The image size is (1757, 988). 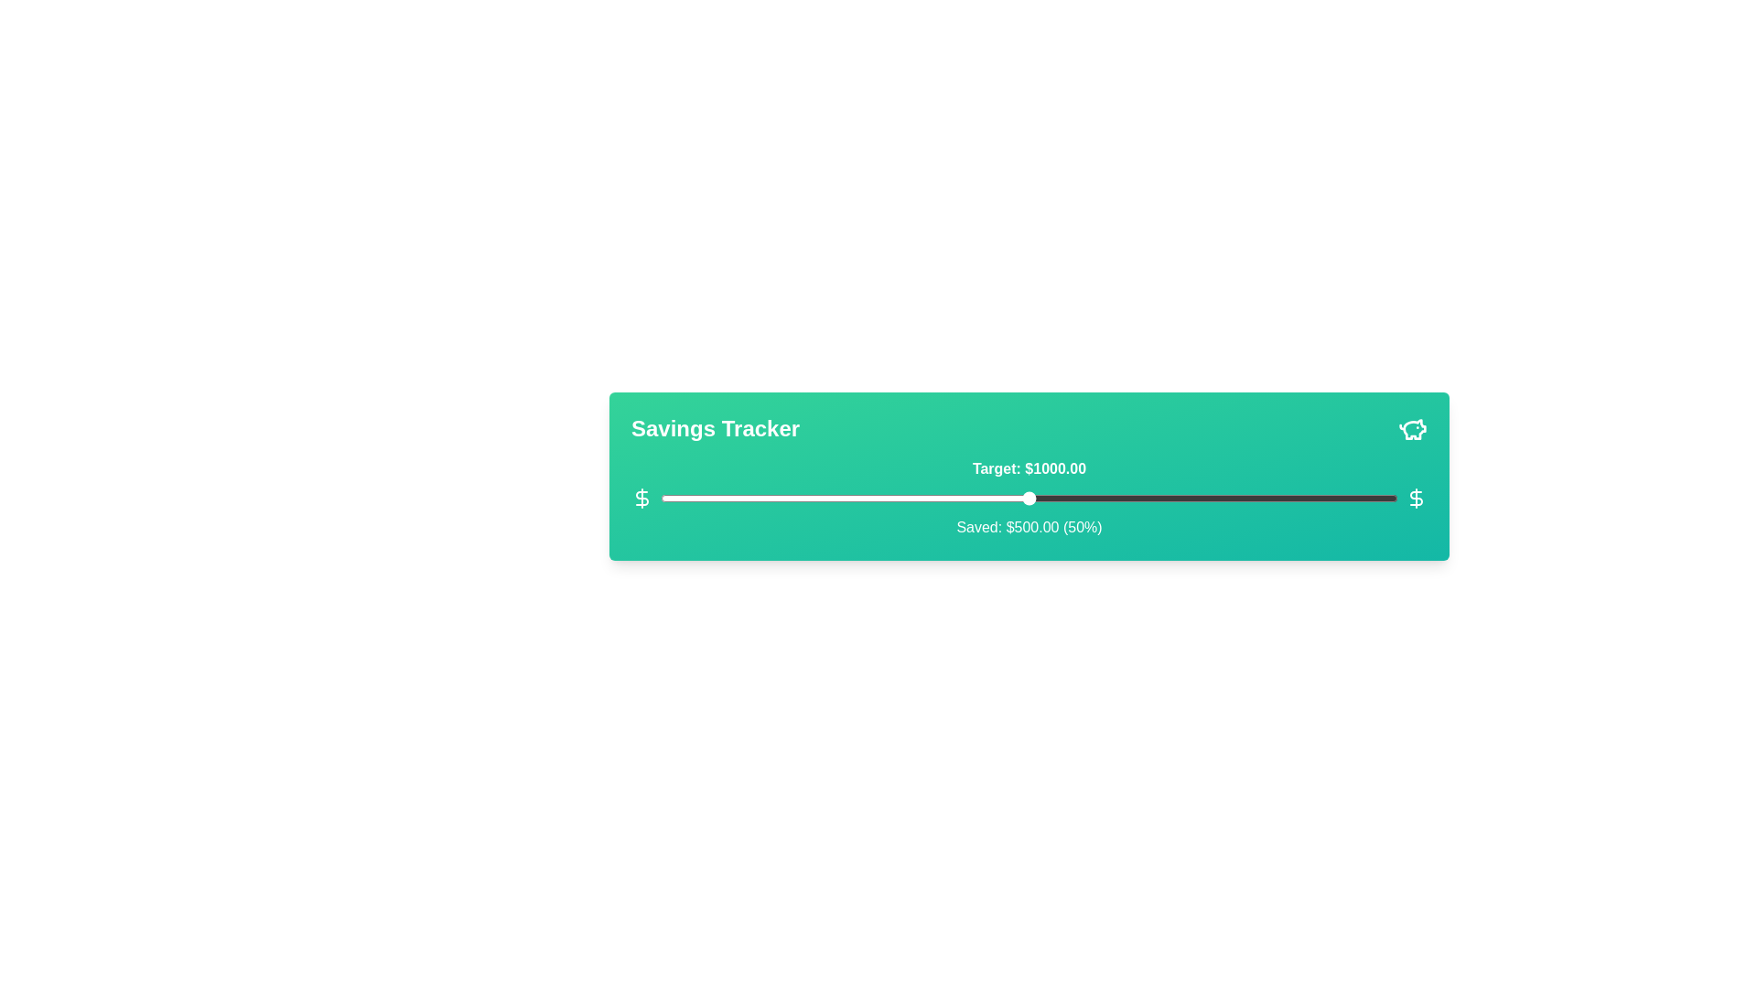 I want to click on the savings tracker, so click(x=1243, y=498).